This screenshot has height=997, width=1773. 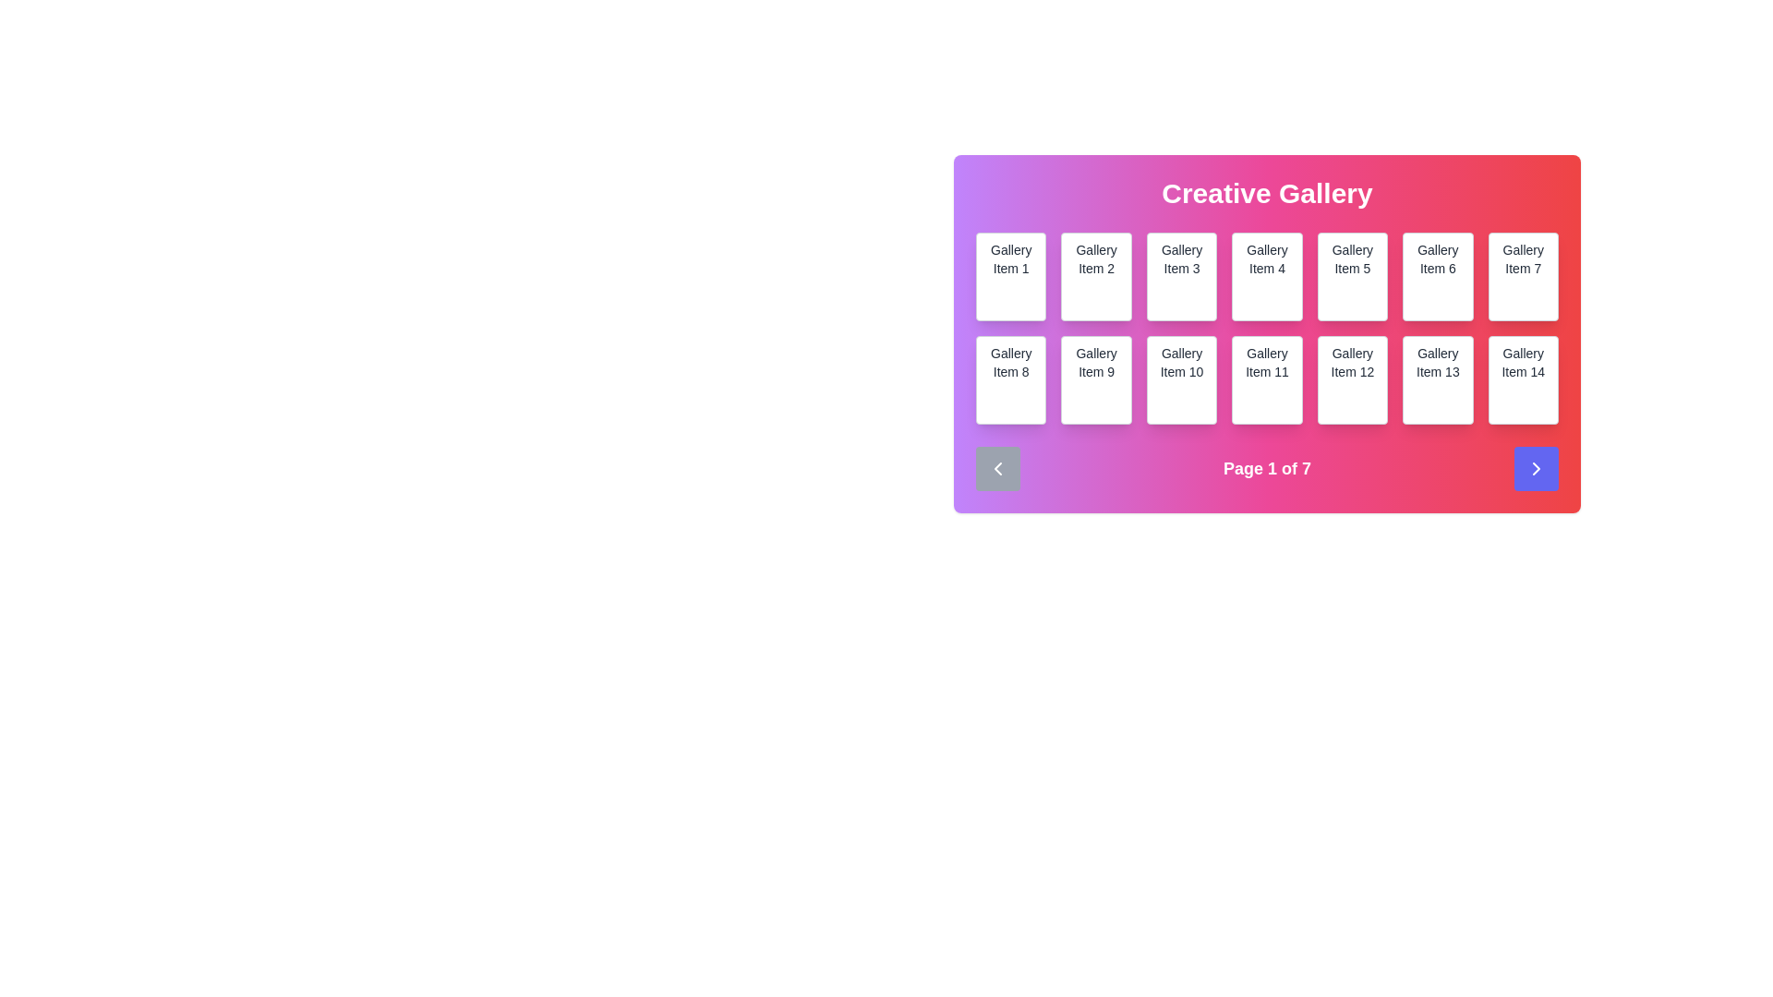 I want to click on the gallery item card located in the second column of the first row in the grid layout under the 'Creative Gallery' heading to trigger visual effects, so click(x=1096, y=277).